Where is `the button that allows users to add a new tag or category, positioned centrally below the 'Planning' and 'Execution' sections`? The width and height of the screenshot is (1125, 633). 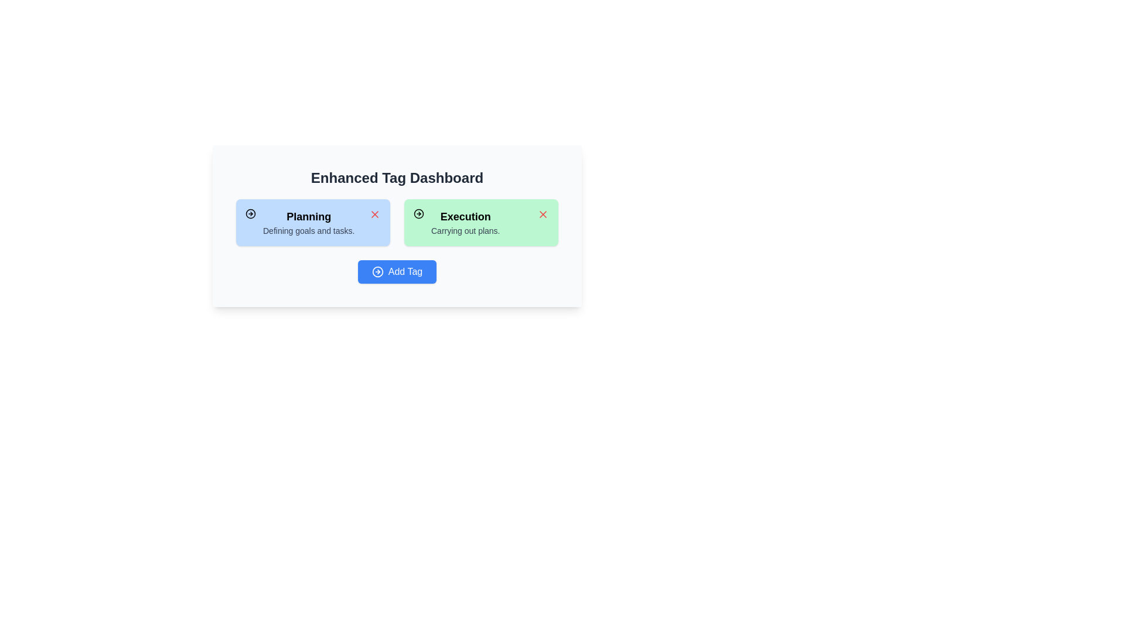
the button that allows users to add a new tag or category, positioned centrally below the 'Planning' and 'Execution' sections is located at coordinates (397, 271).